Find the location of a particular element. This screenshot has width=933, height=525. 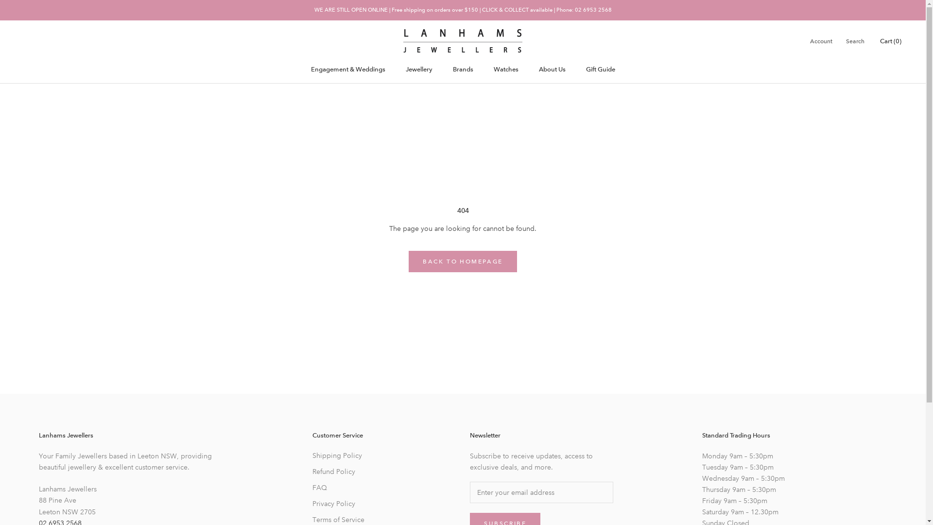

'Cart (0)' is located at coordinates (891, 40).